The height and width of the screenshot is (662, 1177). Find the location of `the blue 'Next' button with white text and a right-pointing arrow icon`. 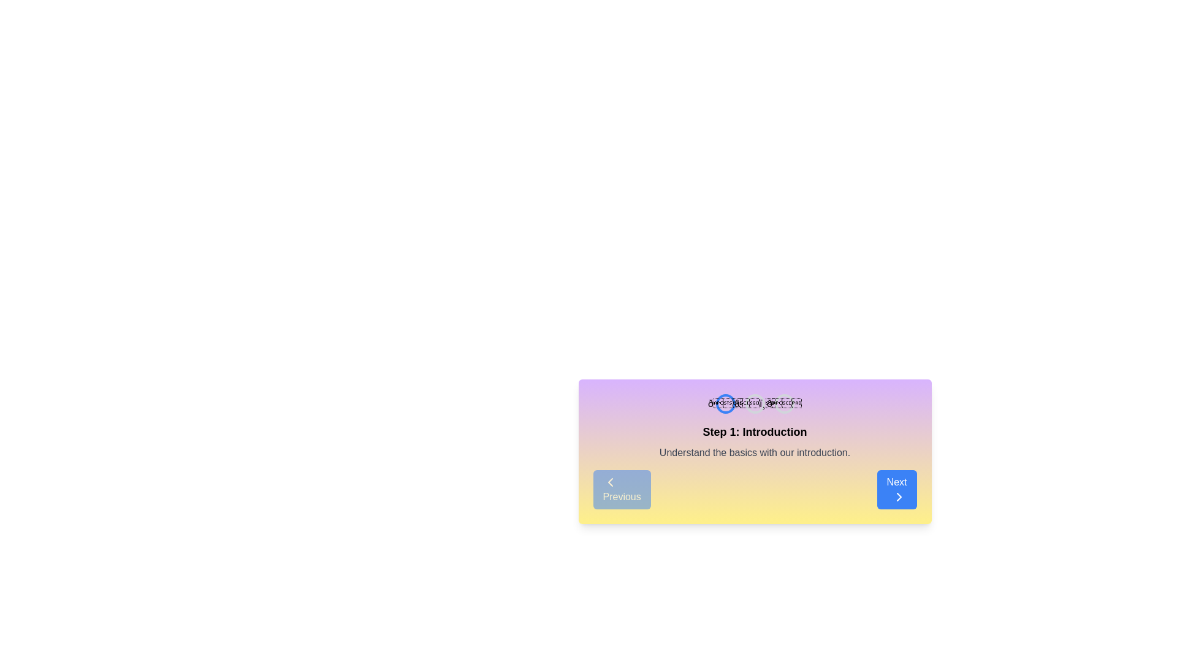

the blue 'Next' button with white text and a right-pointing arrow icon is located at coordinates (897, 489).